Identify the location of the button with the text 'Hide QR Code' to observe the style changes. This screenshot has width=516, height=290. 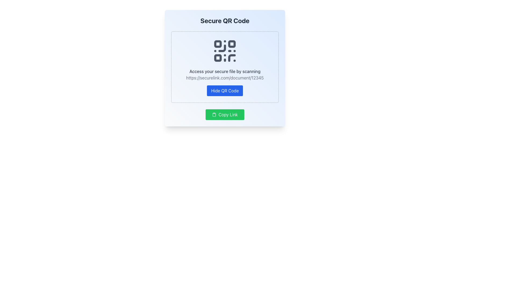
(225, 90).